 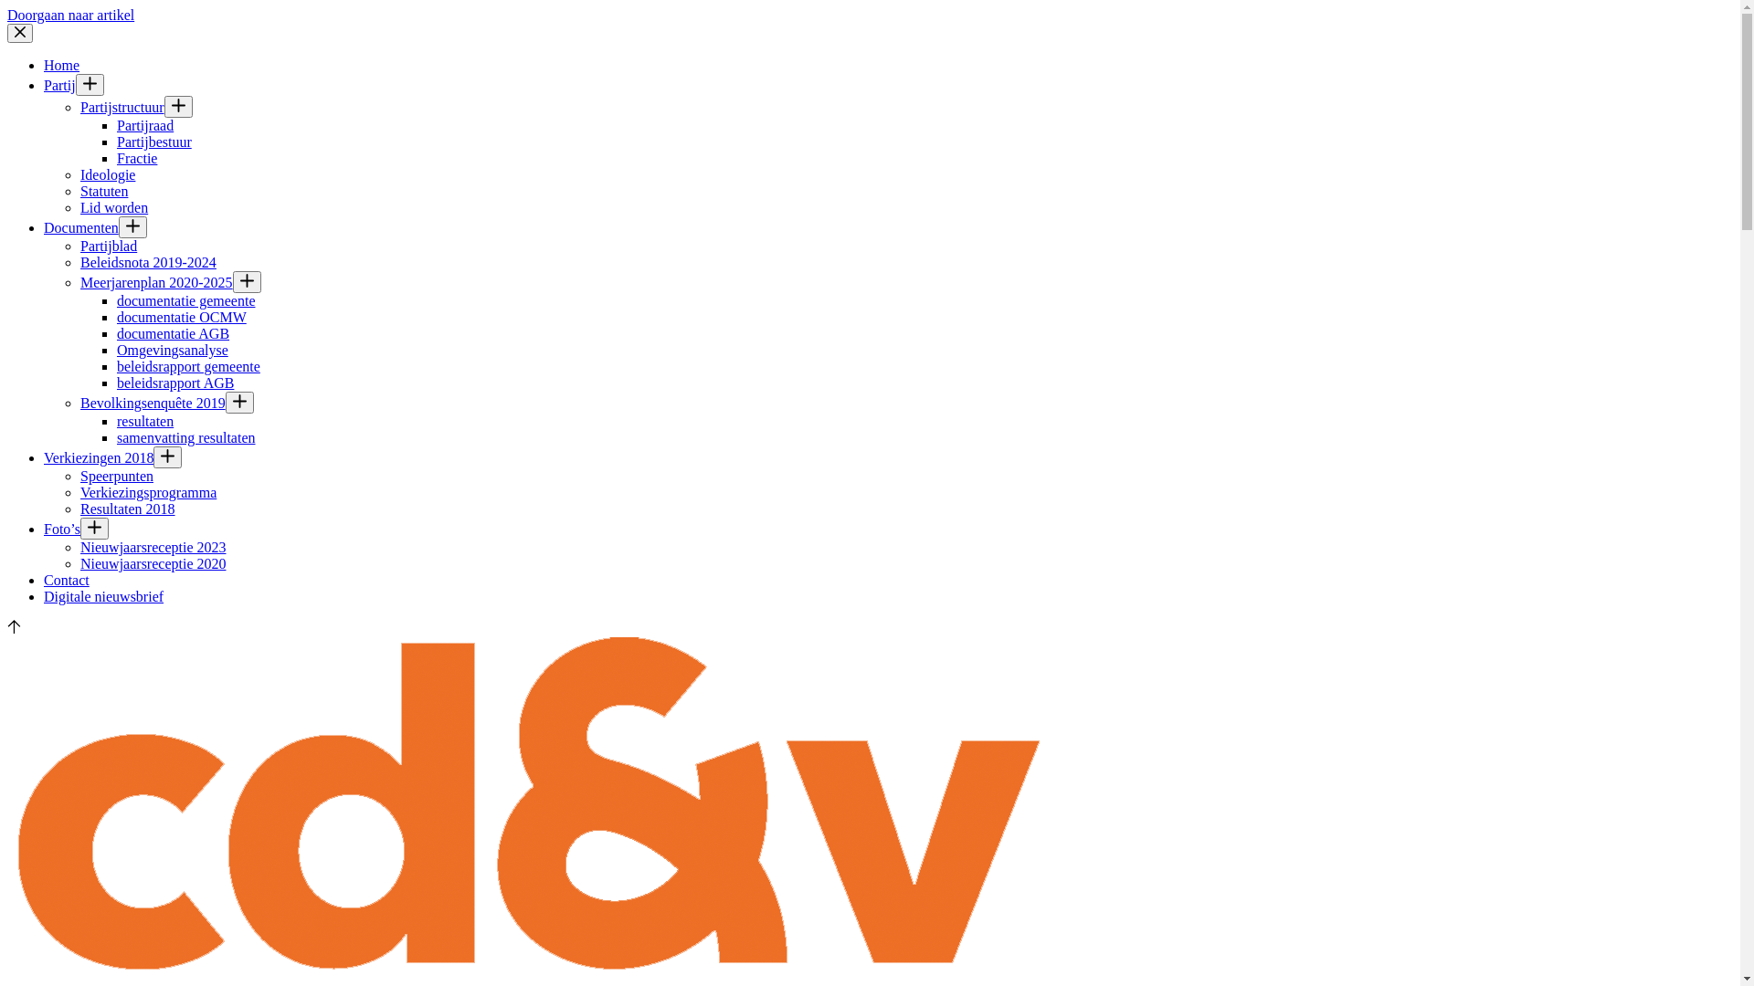 What do you see at coordinates (186, 437) in the screenshot?
I see `'samenvatting resultaten'` at bounding box center [186, 437].